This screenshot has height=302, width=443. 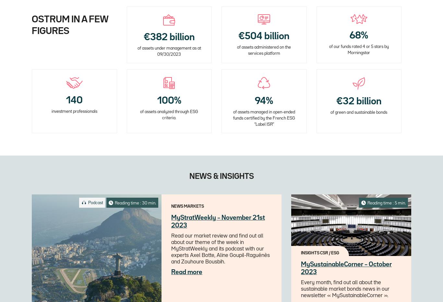 What do you see at coordinates (74, 146) in the screenshot?
I see `'including more than 90 PMs and structurers and 27 insurance management experts'` at bounding box center [74, 146].